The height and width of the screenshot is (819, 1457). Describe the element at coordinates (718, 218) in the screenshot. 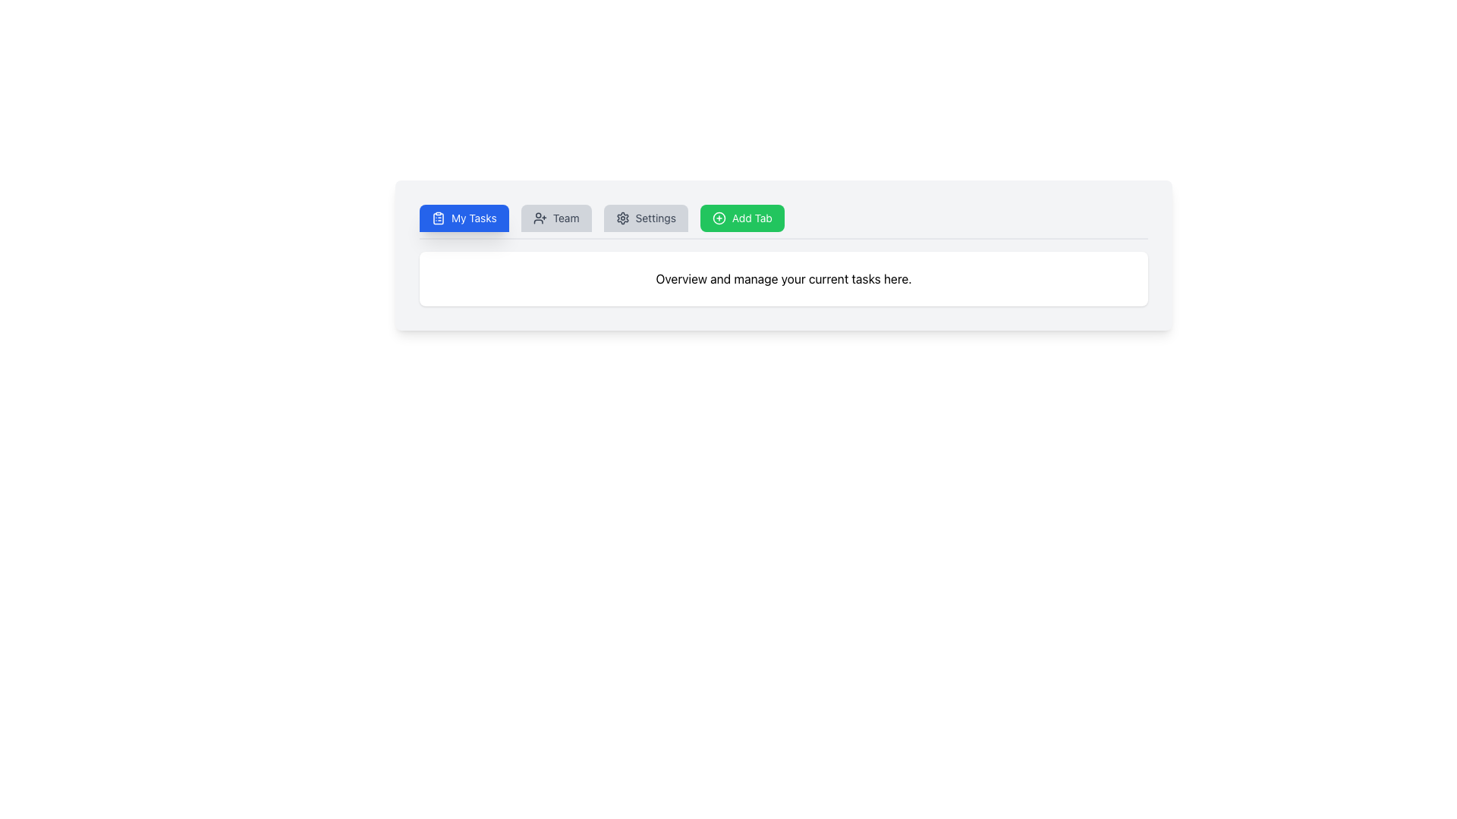

I see `the 'Add Tab' icon located in the top-right section of the interface` at that location.